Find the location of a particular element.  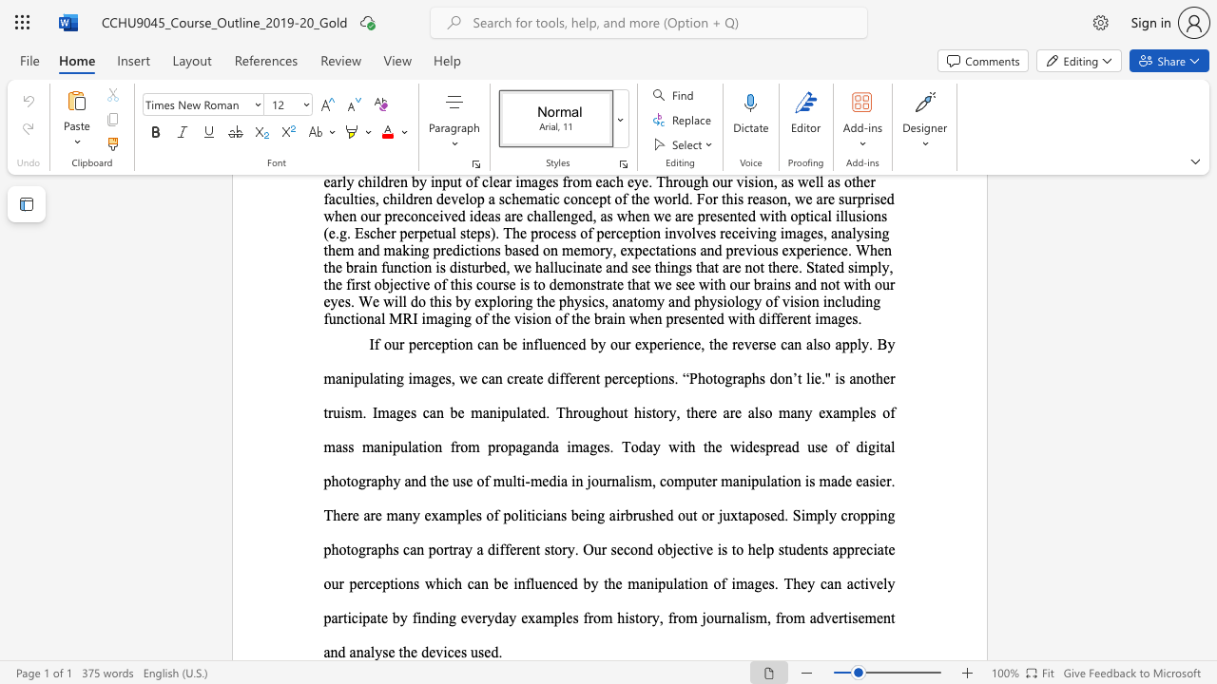

the subset text "cropping photographs can portray a different story. Our second objective is to help students appreciate our perceptions which can be influenced by the manipulation of ima" within the text "osed. Simply cropping photographs can portray a different story. Our second objective is to help students appreciate our perceptions which can be influenced by the manipulation of images. They can actively participate by finding everyday examples from history, from journalism, from advertisement and analyse the devices used." is located at coordinates (840, 515).